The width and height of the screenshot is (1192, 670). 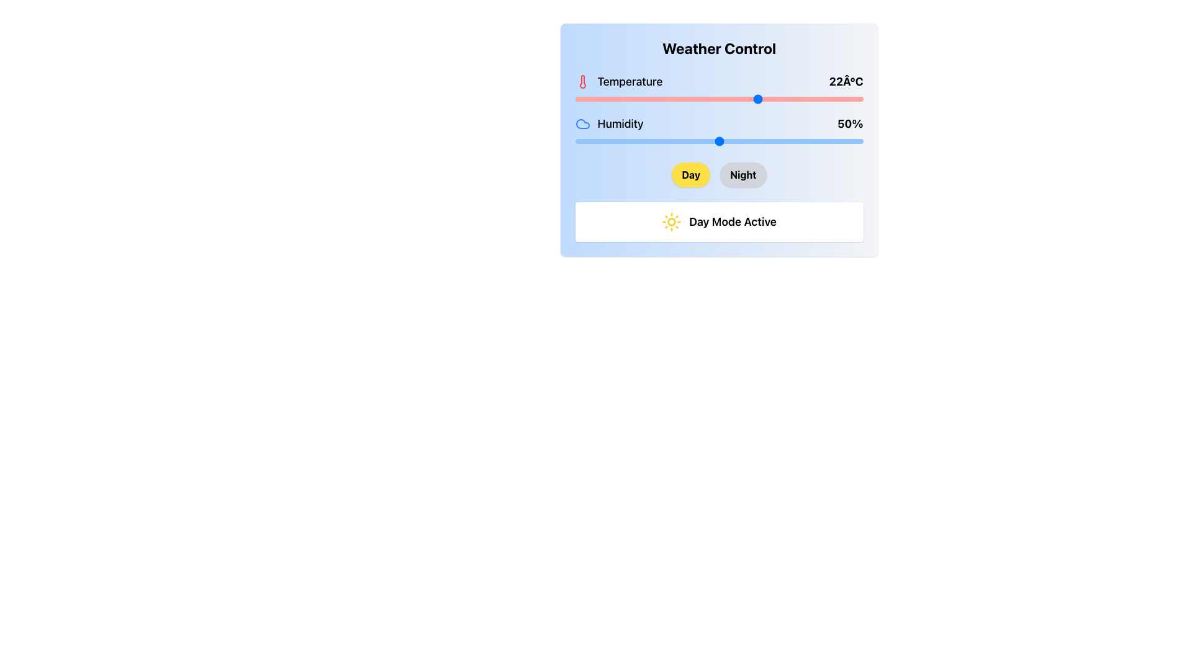 I want to click on the red thermometer icon located to the left of the 'Temperature' label under 'Weather Control', so click(x=582, y=81).